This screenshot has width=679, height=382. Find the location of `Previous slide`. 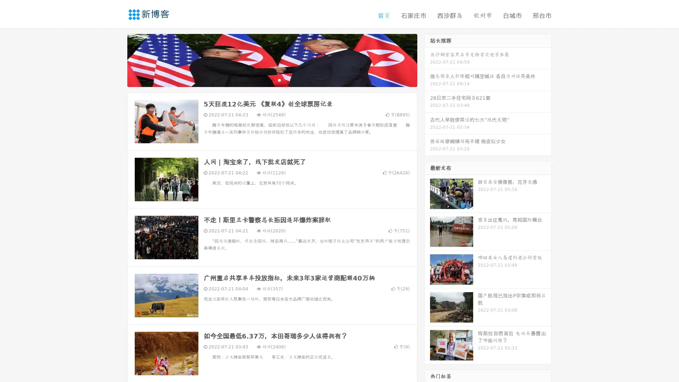

Previous slide is located at coordinates (117, 59).